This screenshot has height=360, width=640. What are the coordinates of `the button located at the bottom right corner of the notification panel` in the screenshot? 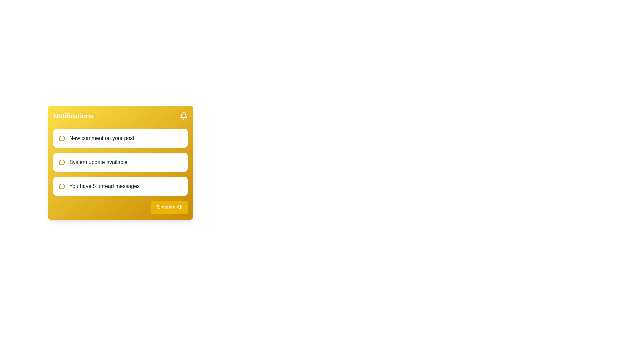 It's located at (120, 207).